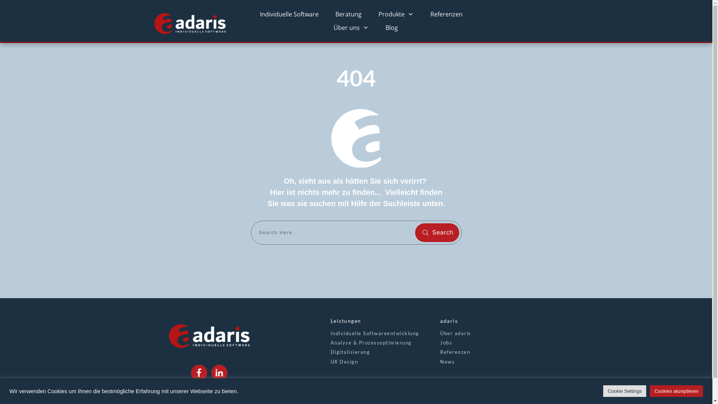  Describe the element at coordinates (391, 27) in the screenshot. I see `'Blog'` at that location.